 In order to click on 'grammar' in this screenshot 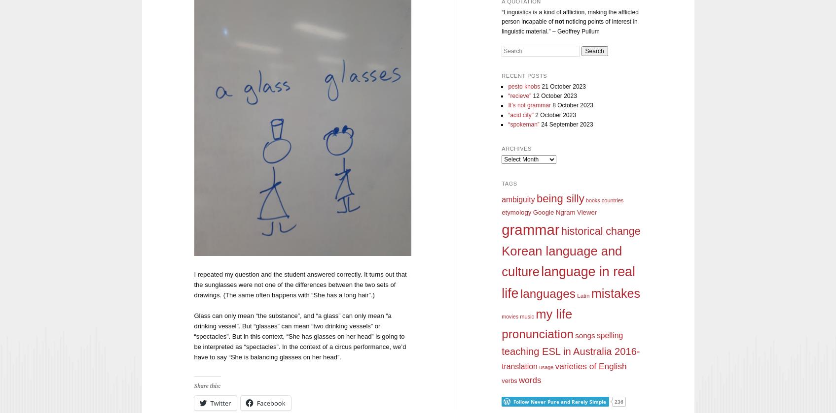, I will do `click(530, 228)`.